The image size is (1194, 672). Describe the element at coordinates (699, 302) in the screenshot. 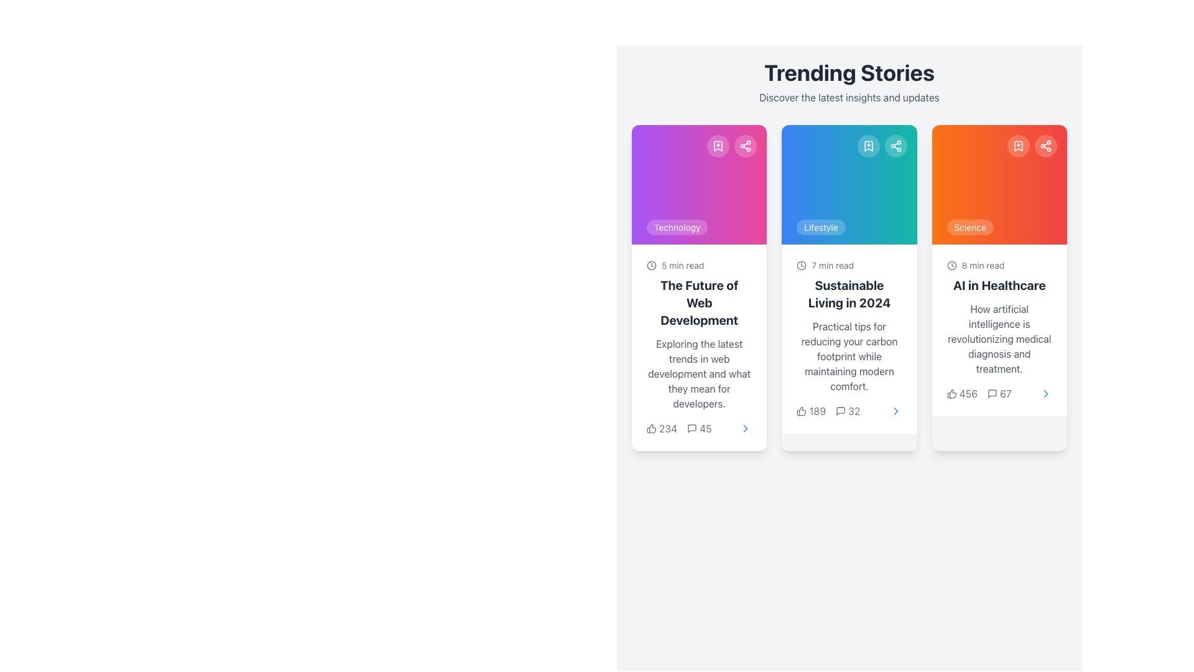

I see `the Text label that serves as the title for the card summarizing the primary topic or article, located in the leftmost card under the 'Trending Stories' section, positioned below the '5 min read' text and above the supporting description text` at that location.